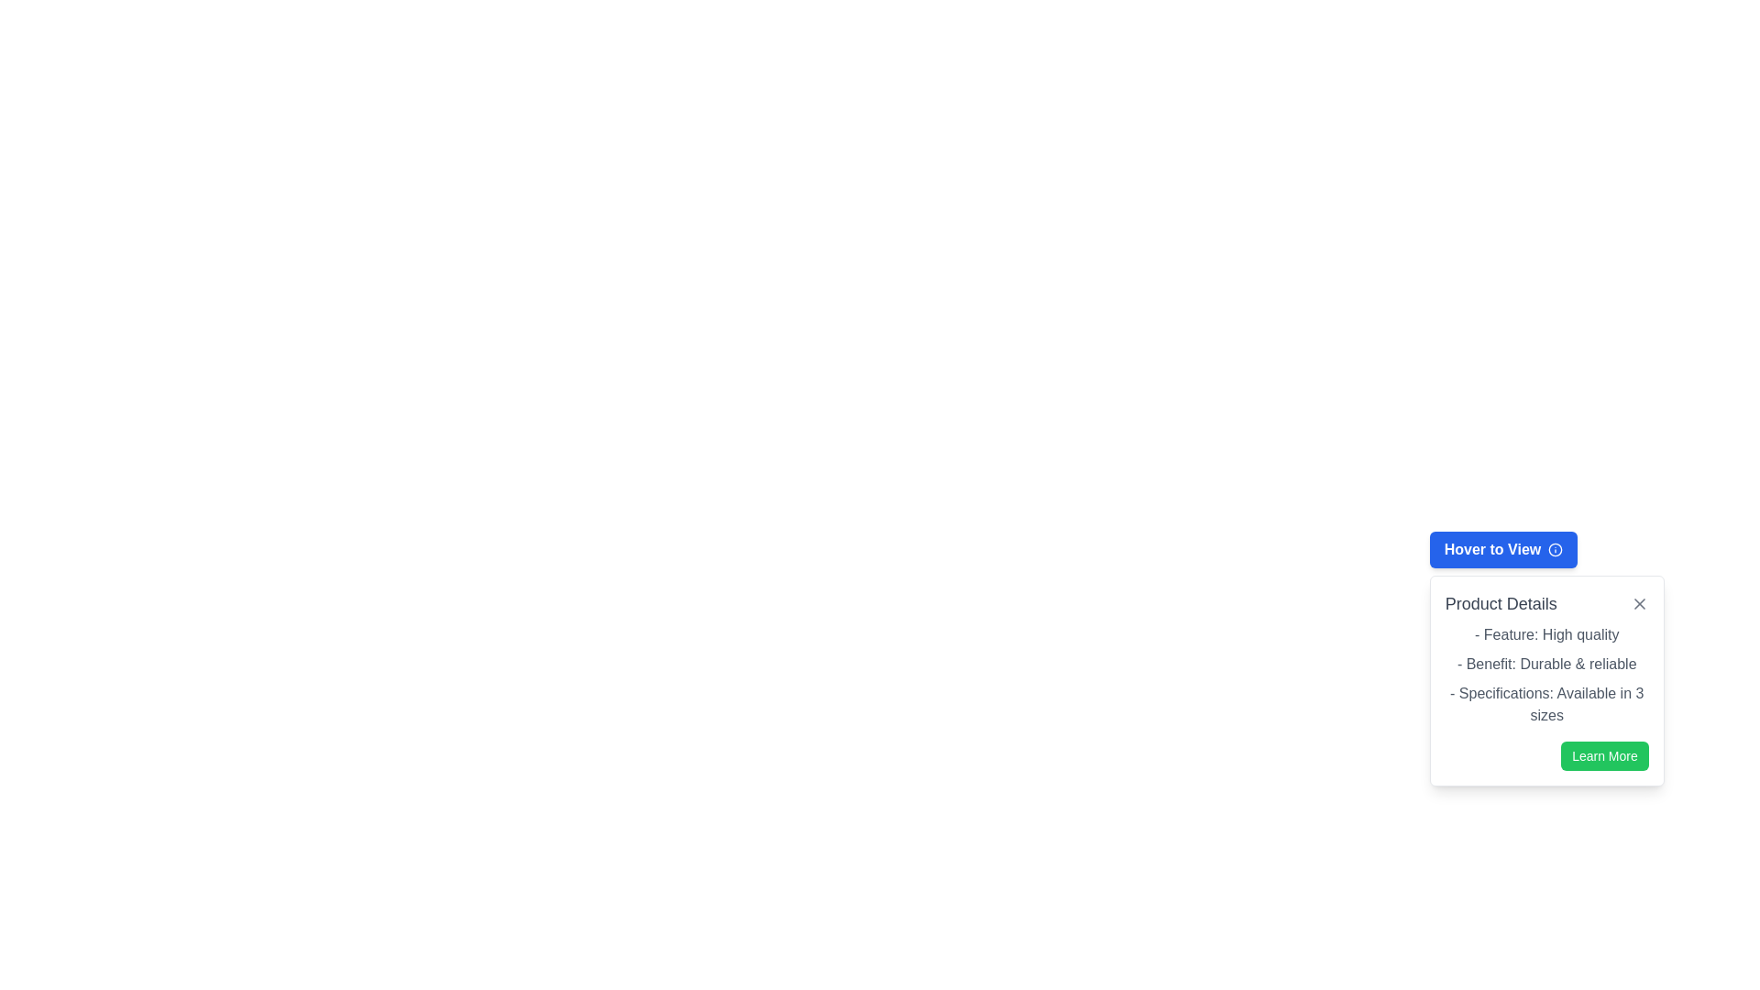 The height and width of the screenshot is (990, 1760). What do you see at coordinates (1603, 756) in the screenshot?
I see `the rectangular green button with white text 'Learn More' located at the bottom-right of the 'Product Details' card` at bounding box center [1603, 756].